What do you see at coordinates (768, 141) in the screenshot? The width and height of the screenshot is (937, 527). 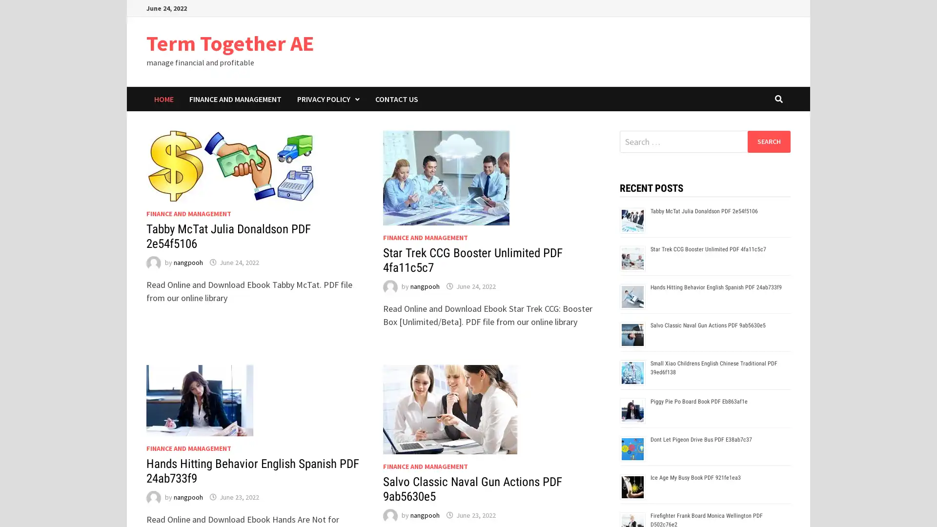 I see `Search` at bounding box center [768, 141].